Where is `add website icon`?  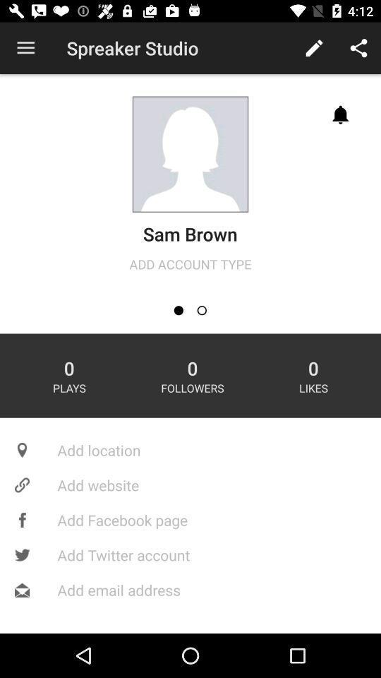
add website icon is located at coordinates (190, 484).